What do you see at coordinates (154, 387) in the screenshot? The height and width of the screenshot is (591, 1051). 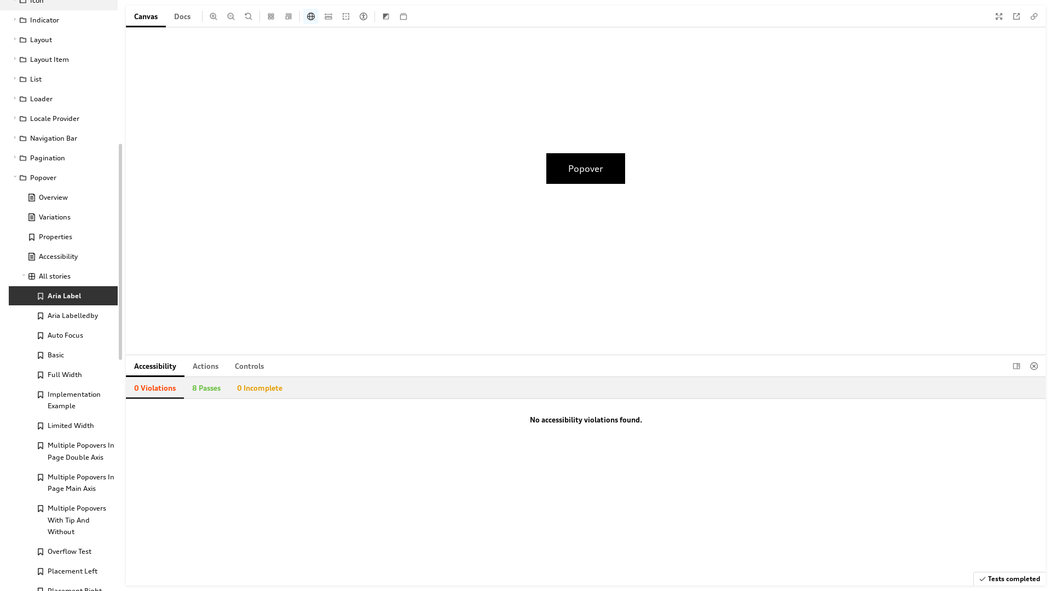 I see `'0 Violations'` at bounding box center [154, 387].